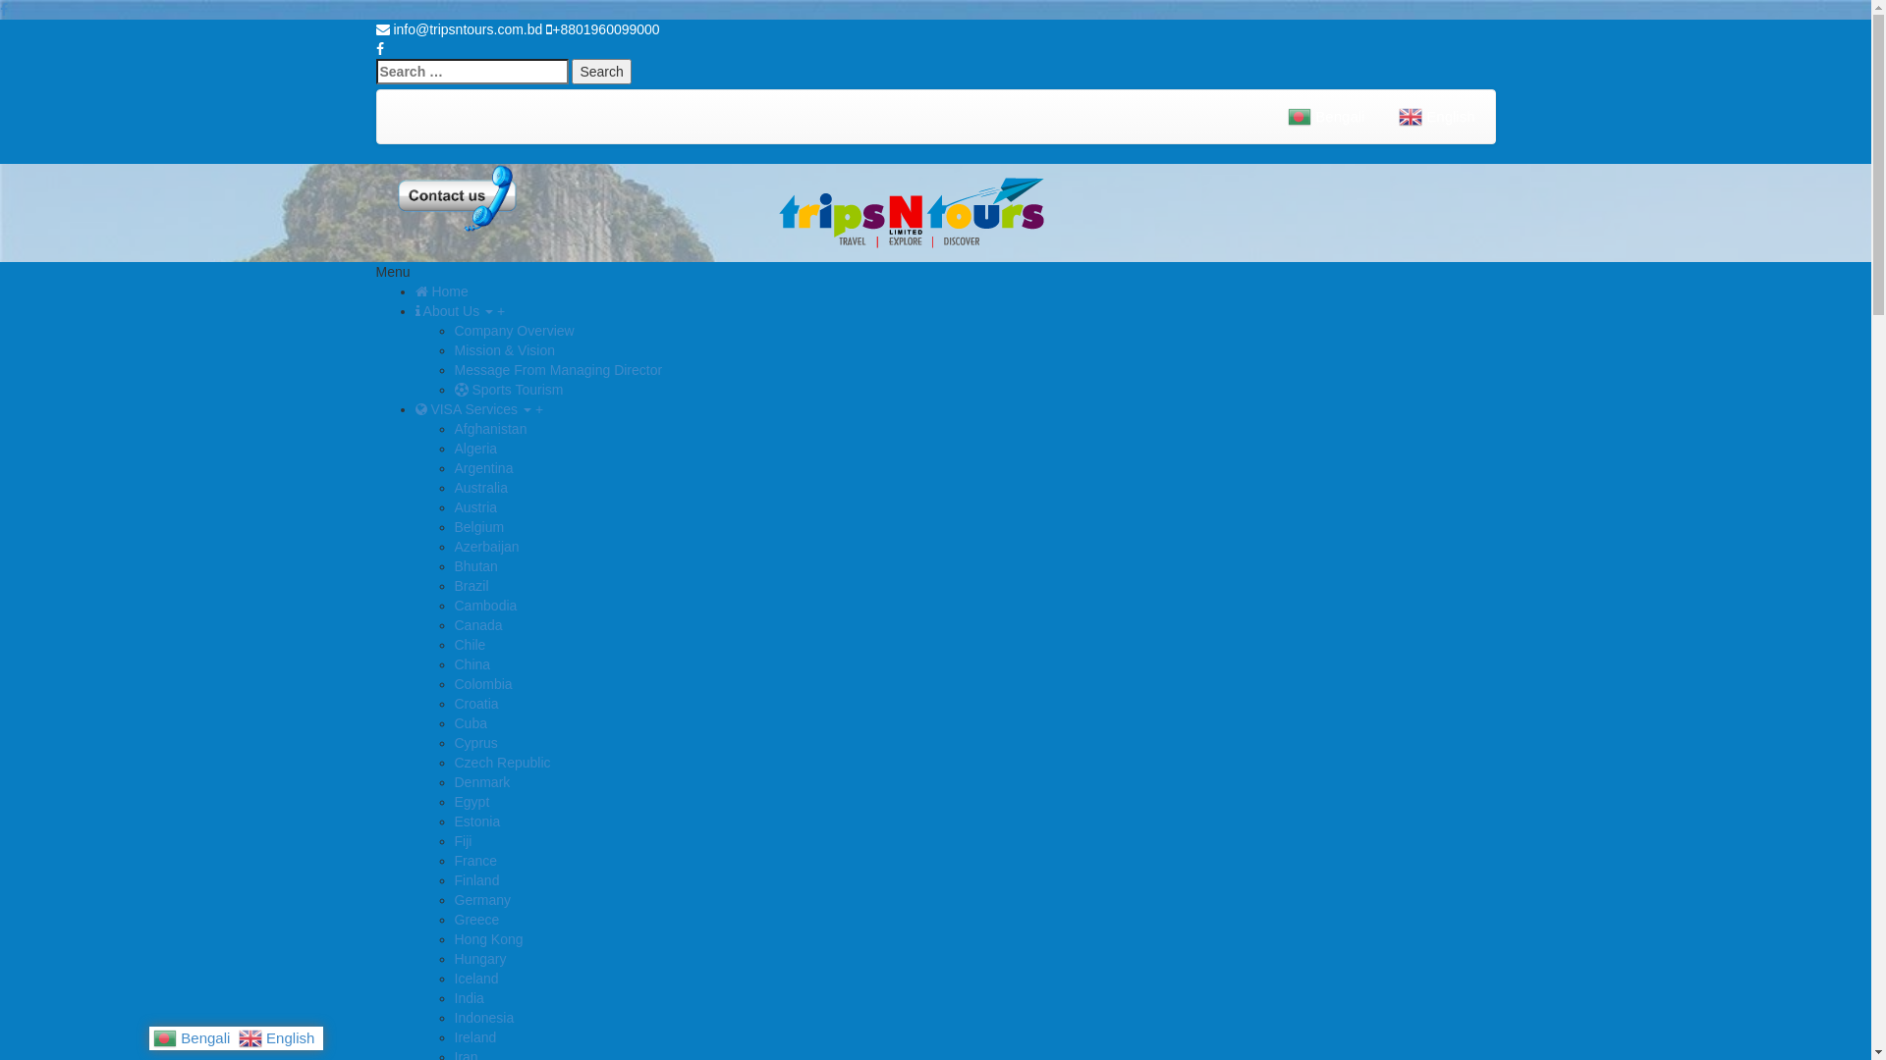 The image size is (1886, 1060). Describe the element at coordinates (452, 900) in the screenshot. I see `'Germany'` at that location.